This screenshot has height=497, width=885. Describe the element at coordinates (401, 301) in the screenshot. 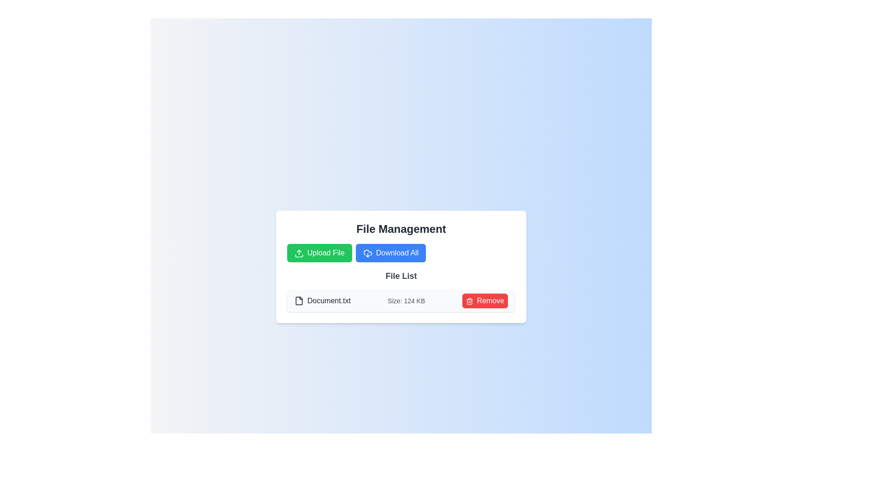

I see `the file entry in the 'File List' section which displays the filename, size, and includes a 'Remove' button` at that location.